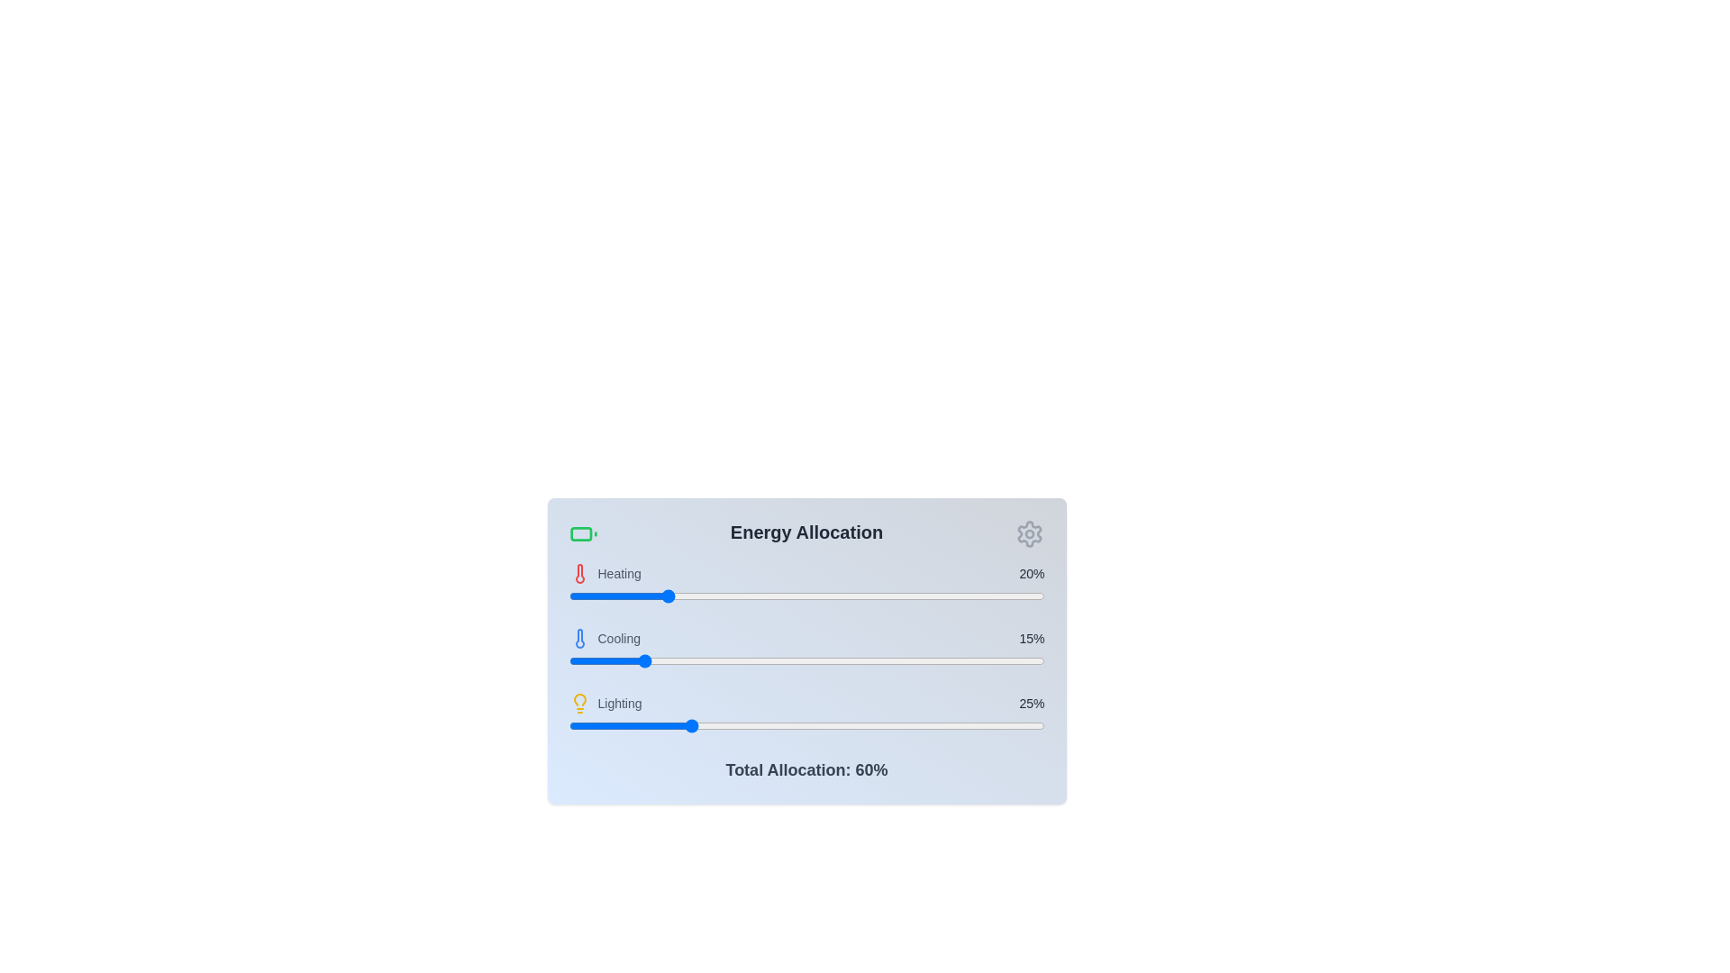 The width and height of the screenshot is (1730, 973). Describe the element at coordinates (921, 660) in the screenshot. I see `the cooling allocation slider to 74%` at that location.